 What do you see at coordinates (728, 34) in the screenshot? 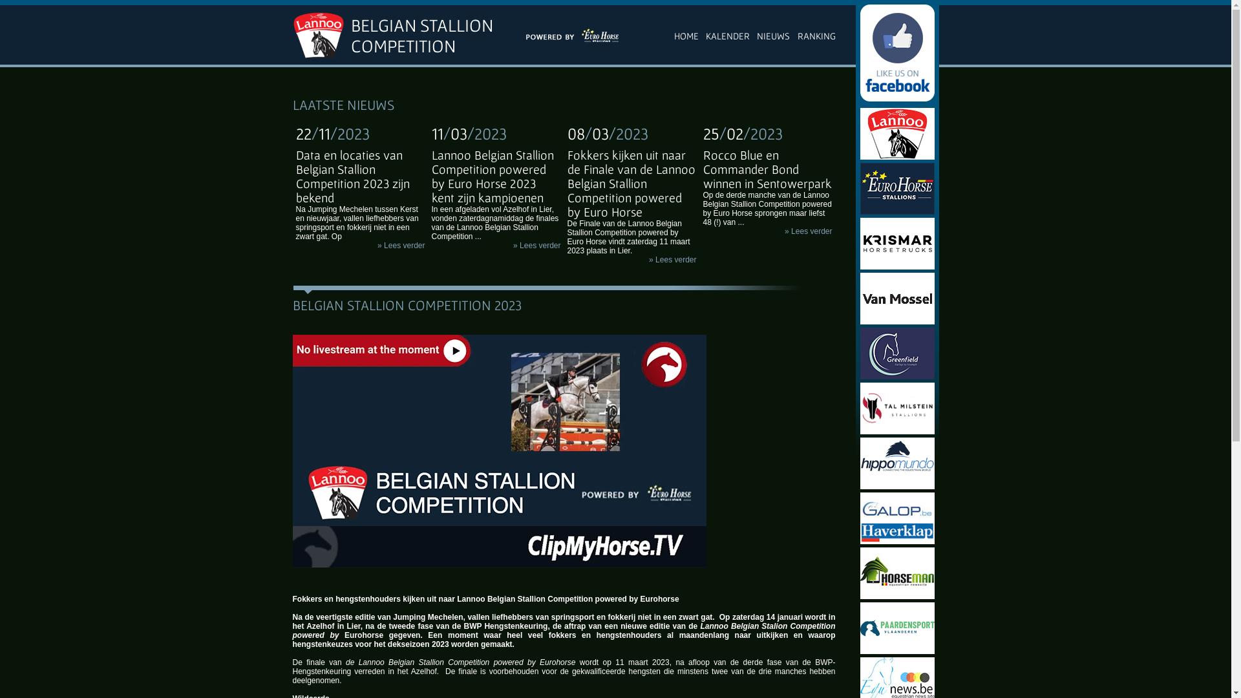
I see `'KALENDER'` at bounding box center [728, 34].